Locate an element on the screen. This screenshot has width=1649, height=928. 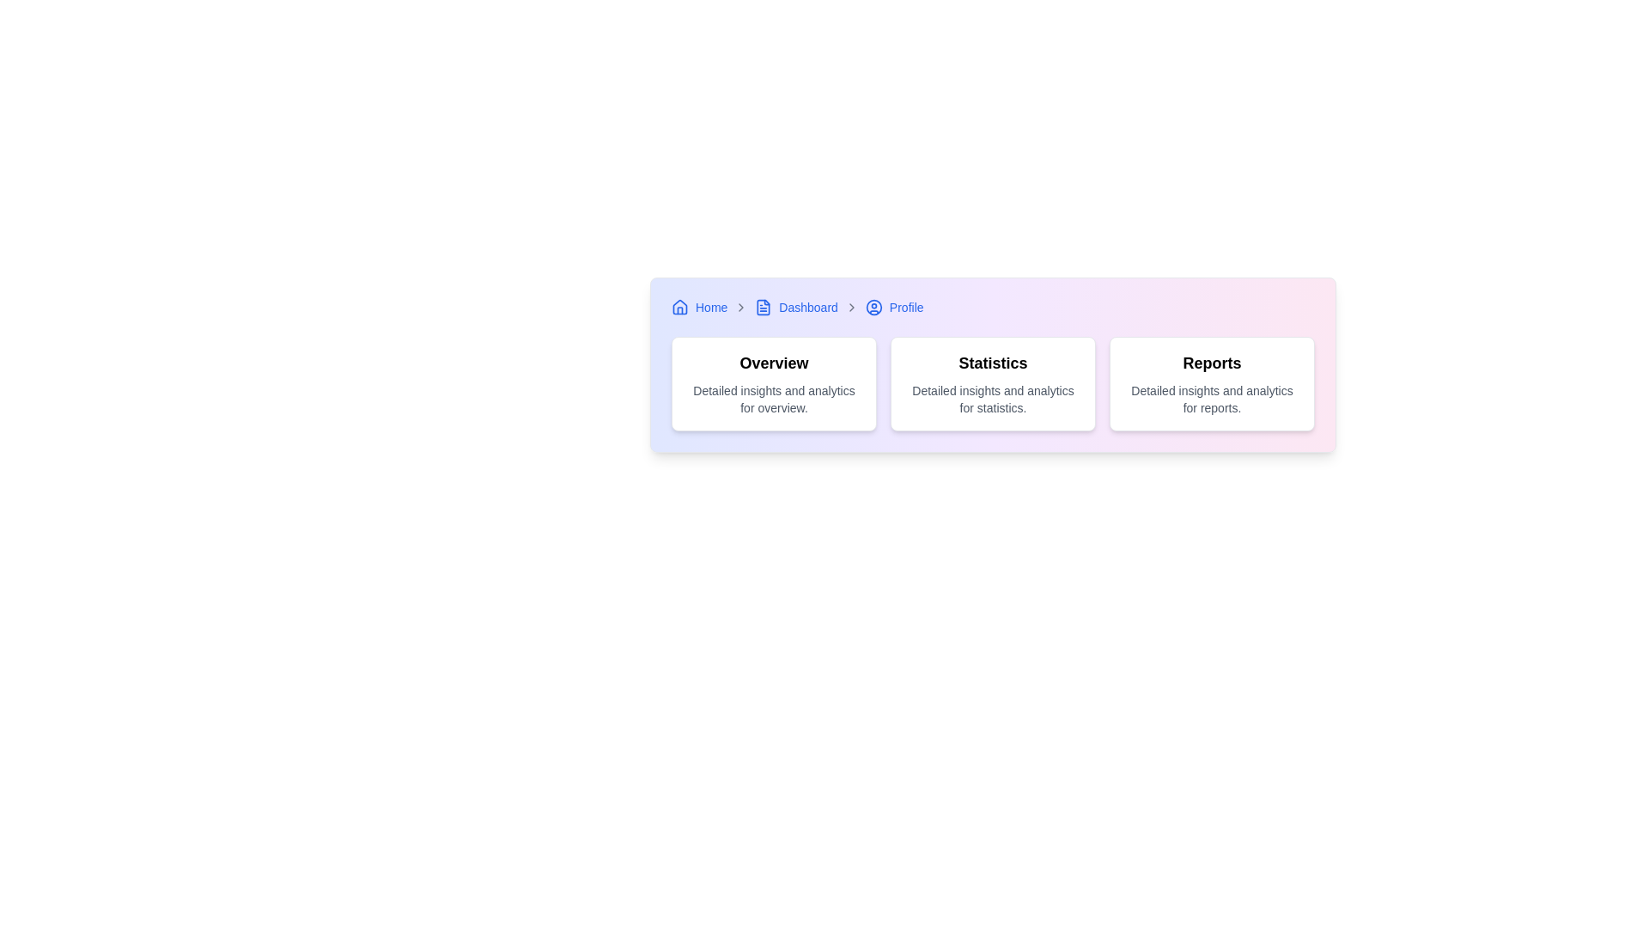
the circular profile icon with a blue border located in the breadcrumb navigation bar near the top-right of the interface is located at coordinates (873, 307).